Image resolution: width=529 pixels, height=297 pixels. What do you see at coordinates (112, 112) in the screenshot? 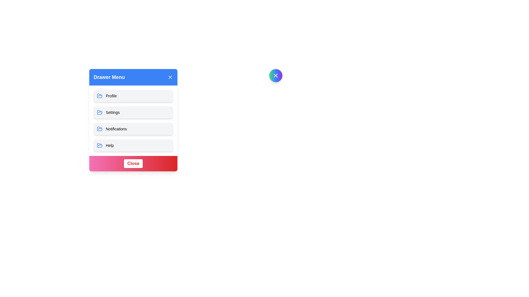
I see `the 'Settings' text label which is positioned in the second option of a vertical list in a drawer-style menu, below 'Profile' and above 'Notifications'` at bounding box center [112, 112].